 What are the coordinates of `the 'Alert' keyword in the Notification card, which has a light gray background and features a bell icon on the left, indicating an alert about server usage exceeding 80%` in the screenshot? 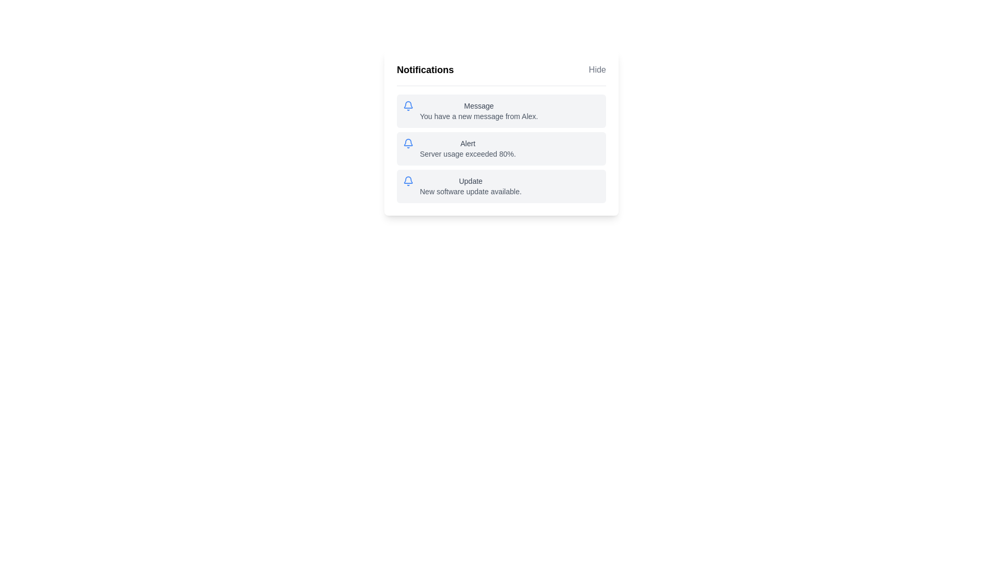 It's located at (501, 149).